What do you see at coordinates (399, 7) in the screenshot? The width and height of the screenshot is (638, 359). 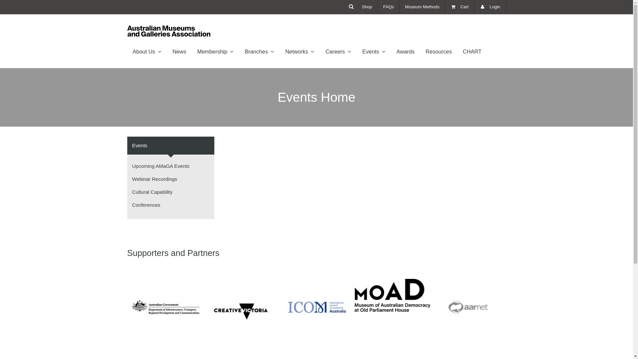 I see `'Museum Methods'` at bounding box center [399, 7].